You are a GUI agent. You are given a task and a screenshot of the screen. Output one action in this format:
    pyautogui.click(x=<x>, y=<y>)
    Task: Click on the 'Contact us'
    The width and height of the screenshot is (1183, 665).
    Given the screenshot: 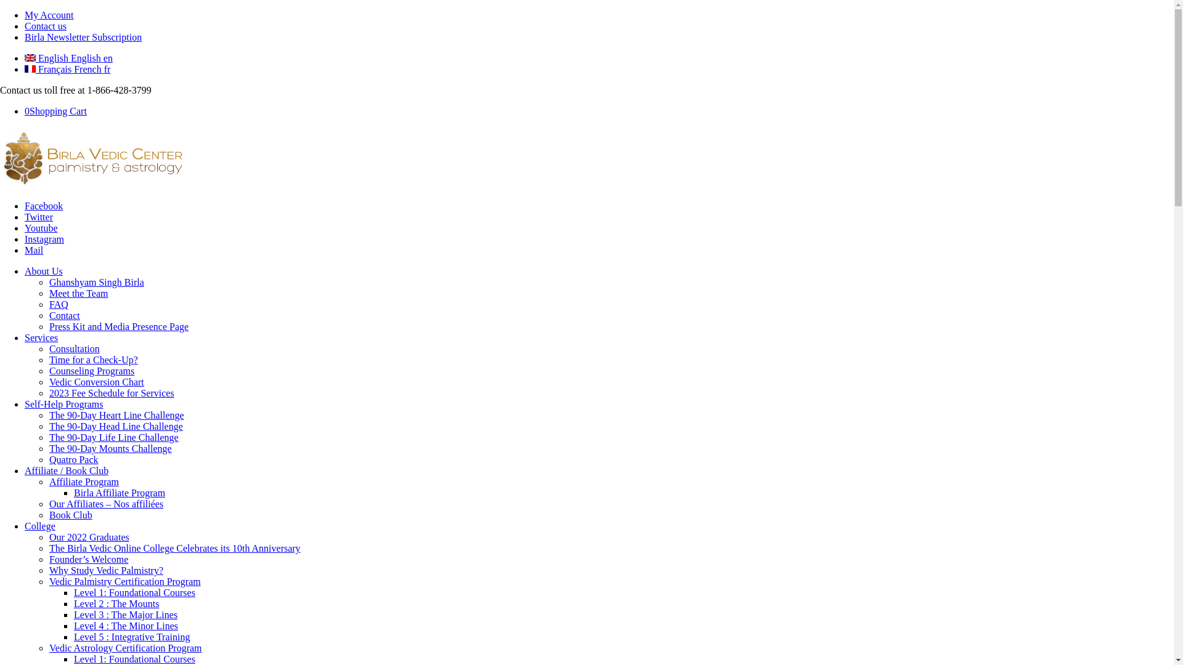 What is the action you would take?
    pyautogui.click(x=45, y=26)
    